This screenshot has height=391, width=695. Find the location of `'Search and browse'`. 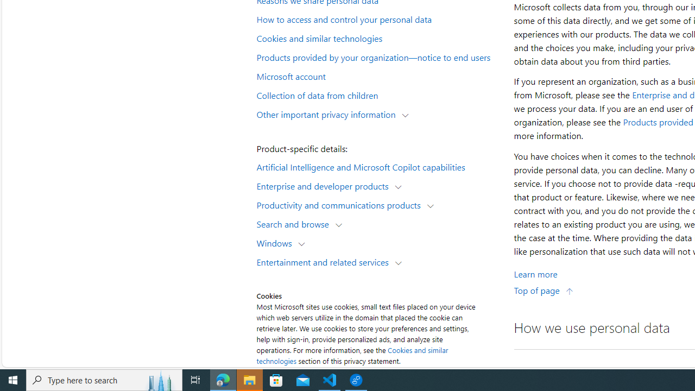

'Search and browse' is located at coordinates (295, 223).